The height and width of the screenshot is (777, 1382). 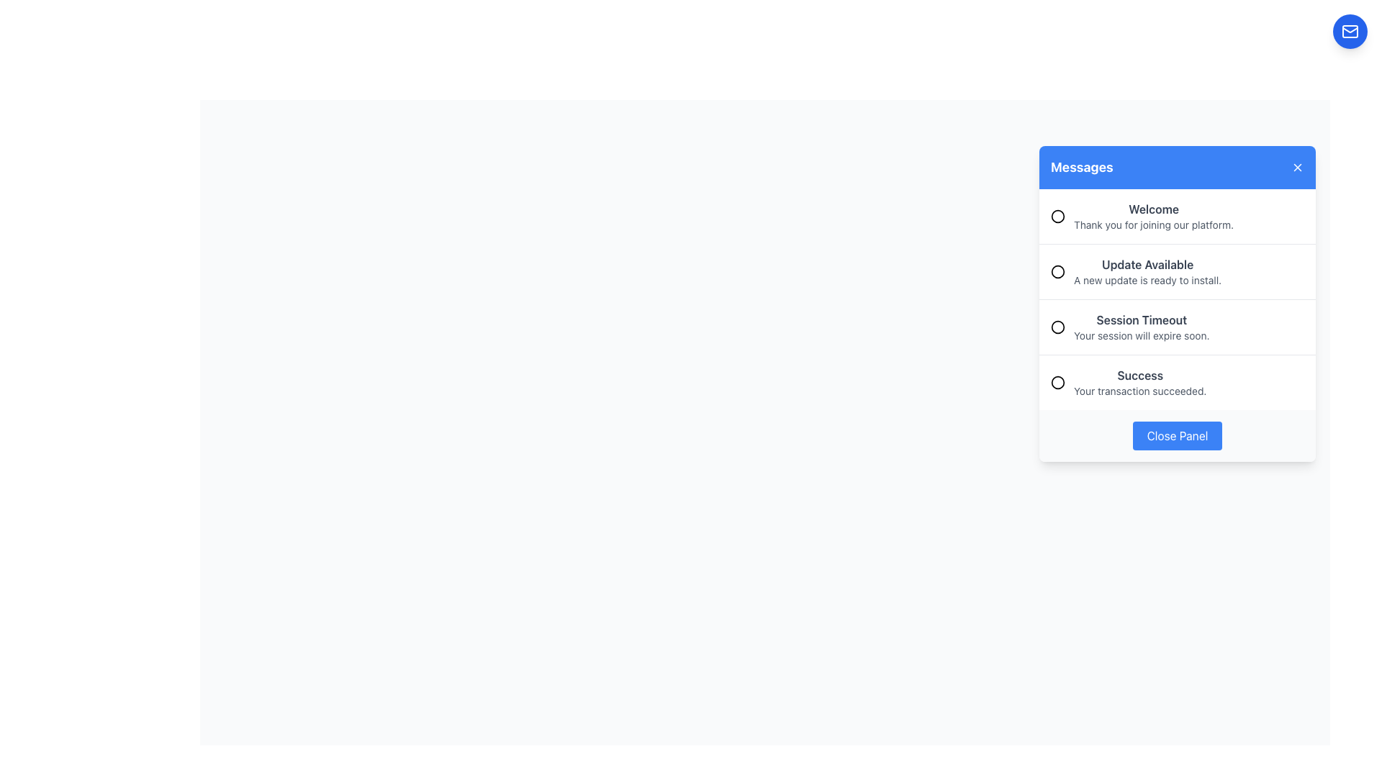 I want to click on text in the second row of the list, which indicates an update is available and is positioned beneath the 'Welcome' heading and above the 'Session Timeout' entry, so click(x=1147, y=272).